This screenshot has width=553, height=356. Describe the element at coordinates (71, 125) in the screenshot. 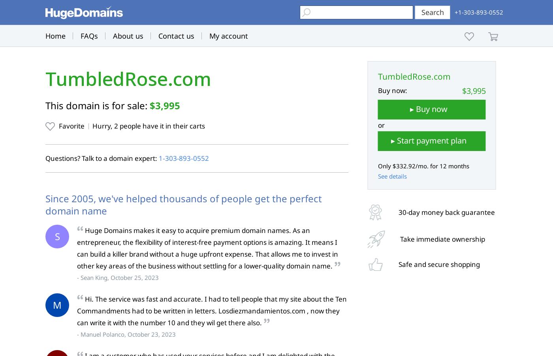

I see `'Favorite'` at that location.